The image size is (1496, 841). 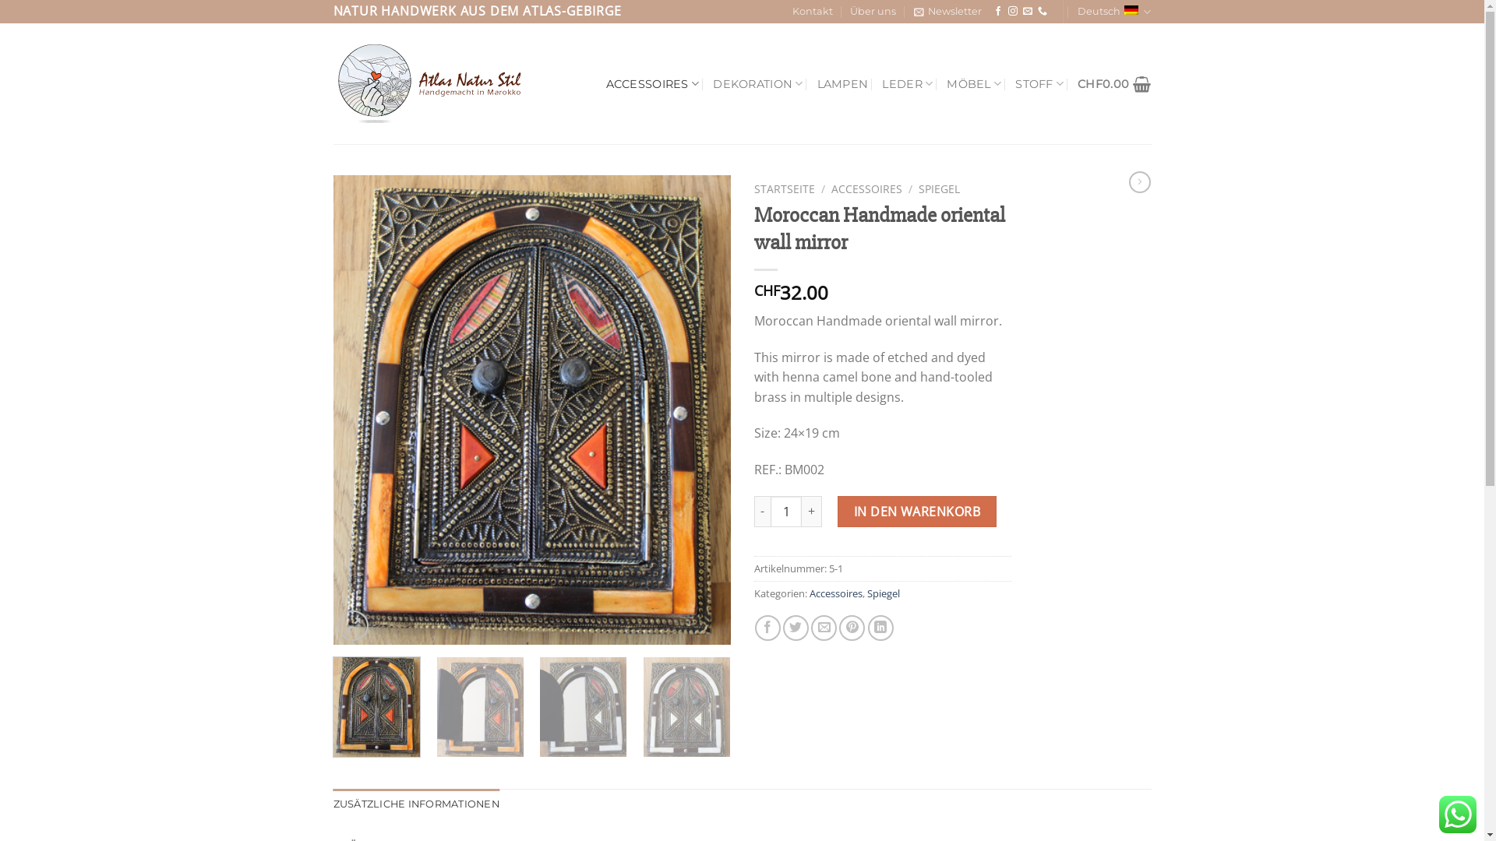 What do you see at coordinates (837, 511) in the screenshot?
I see `'IN DEN WARENKORB'` at bounding box center [837, 511].